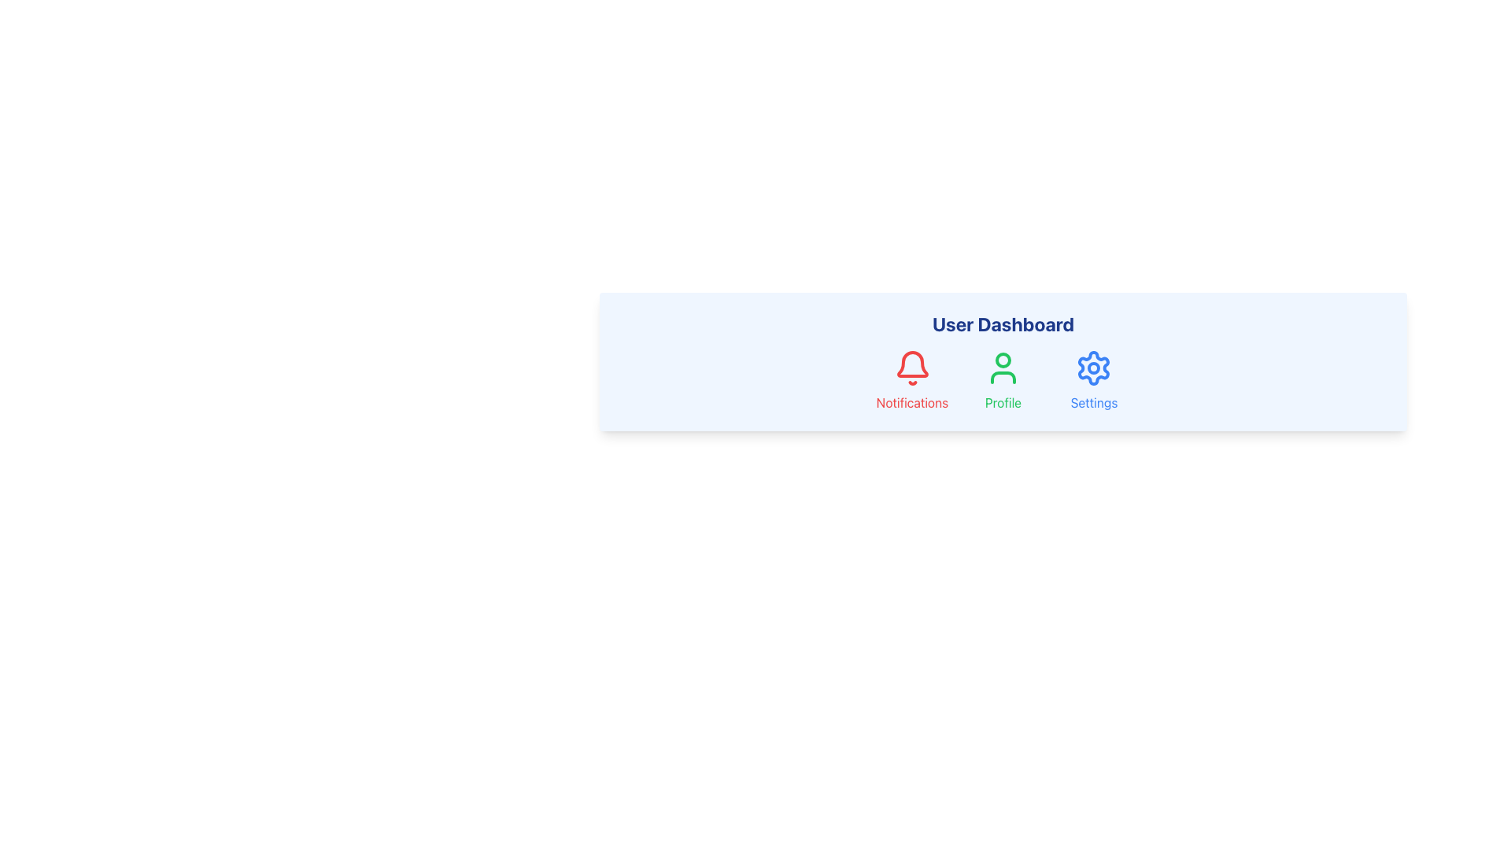  What do you see at coordinates (1003, 402) in the screenshot?
I see `the interactive label positioned directly below the user icon` at bounding box center [1003, 402].